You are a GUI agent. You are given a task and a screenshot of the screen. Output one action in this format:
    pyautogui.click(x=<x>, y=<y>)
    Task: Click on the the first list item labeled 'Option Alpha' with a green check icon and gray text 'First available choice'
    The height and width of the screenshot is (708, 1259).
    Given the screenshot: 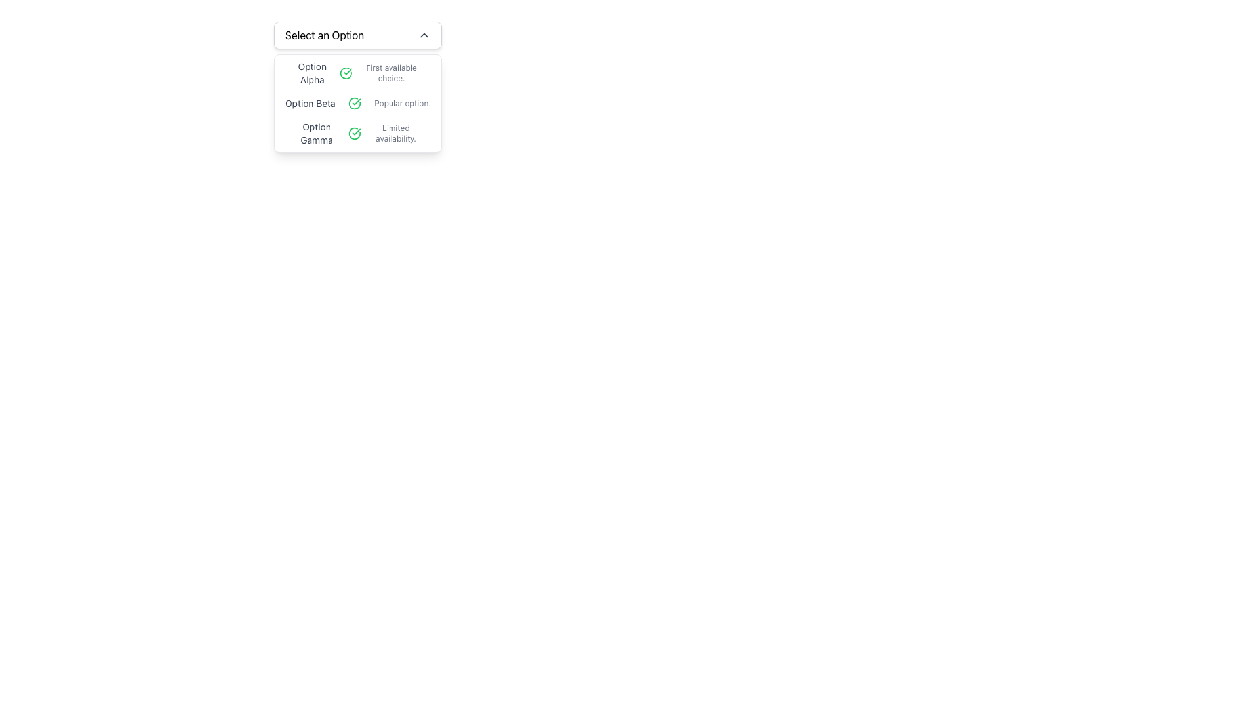 What is the action you would take?
    pyautogui.click(x=358, y=73)
    